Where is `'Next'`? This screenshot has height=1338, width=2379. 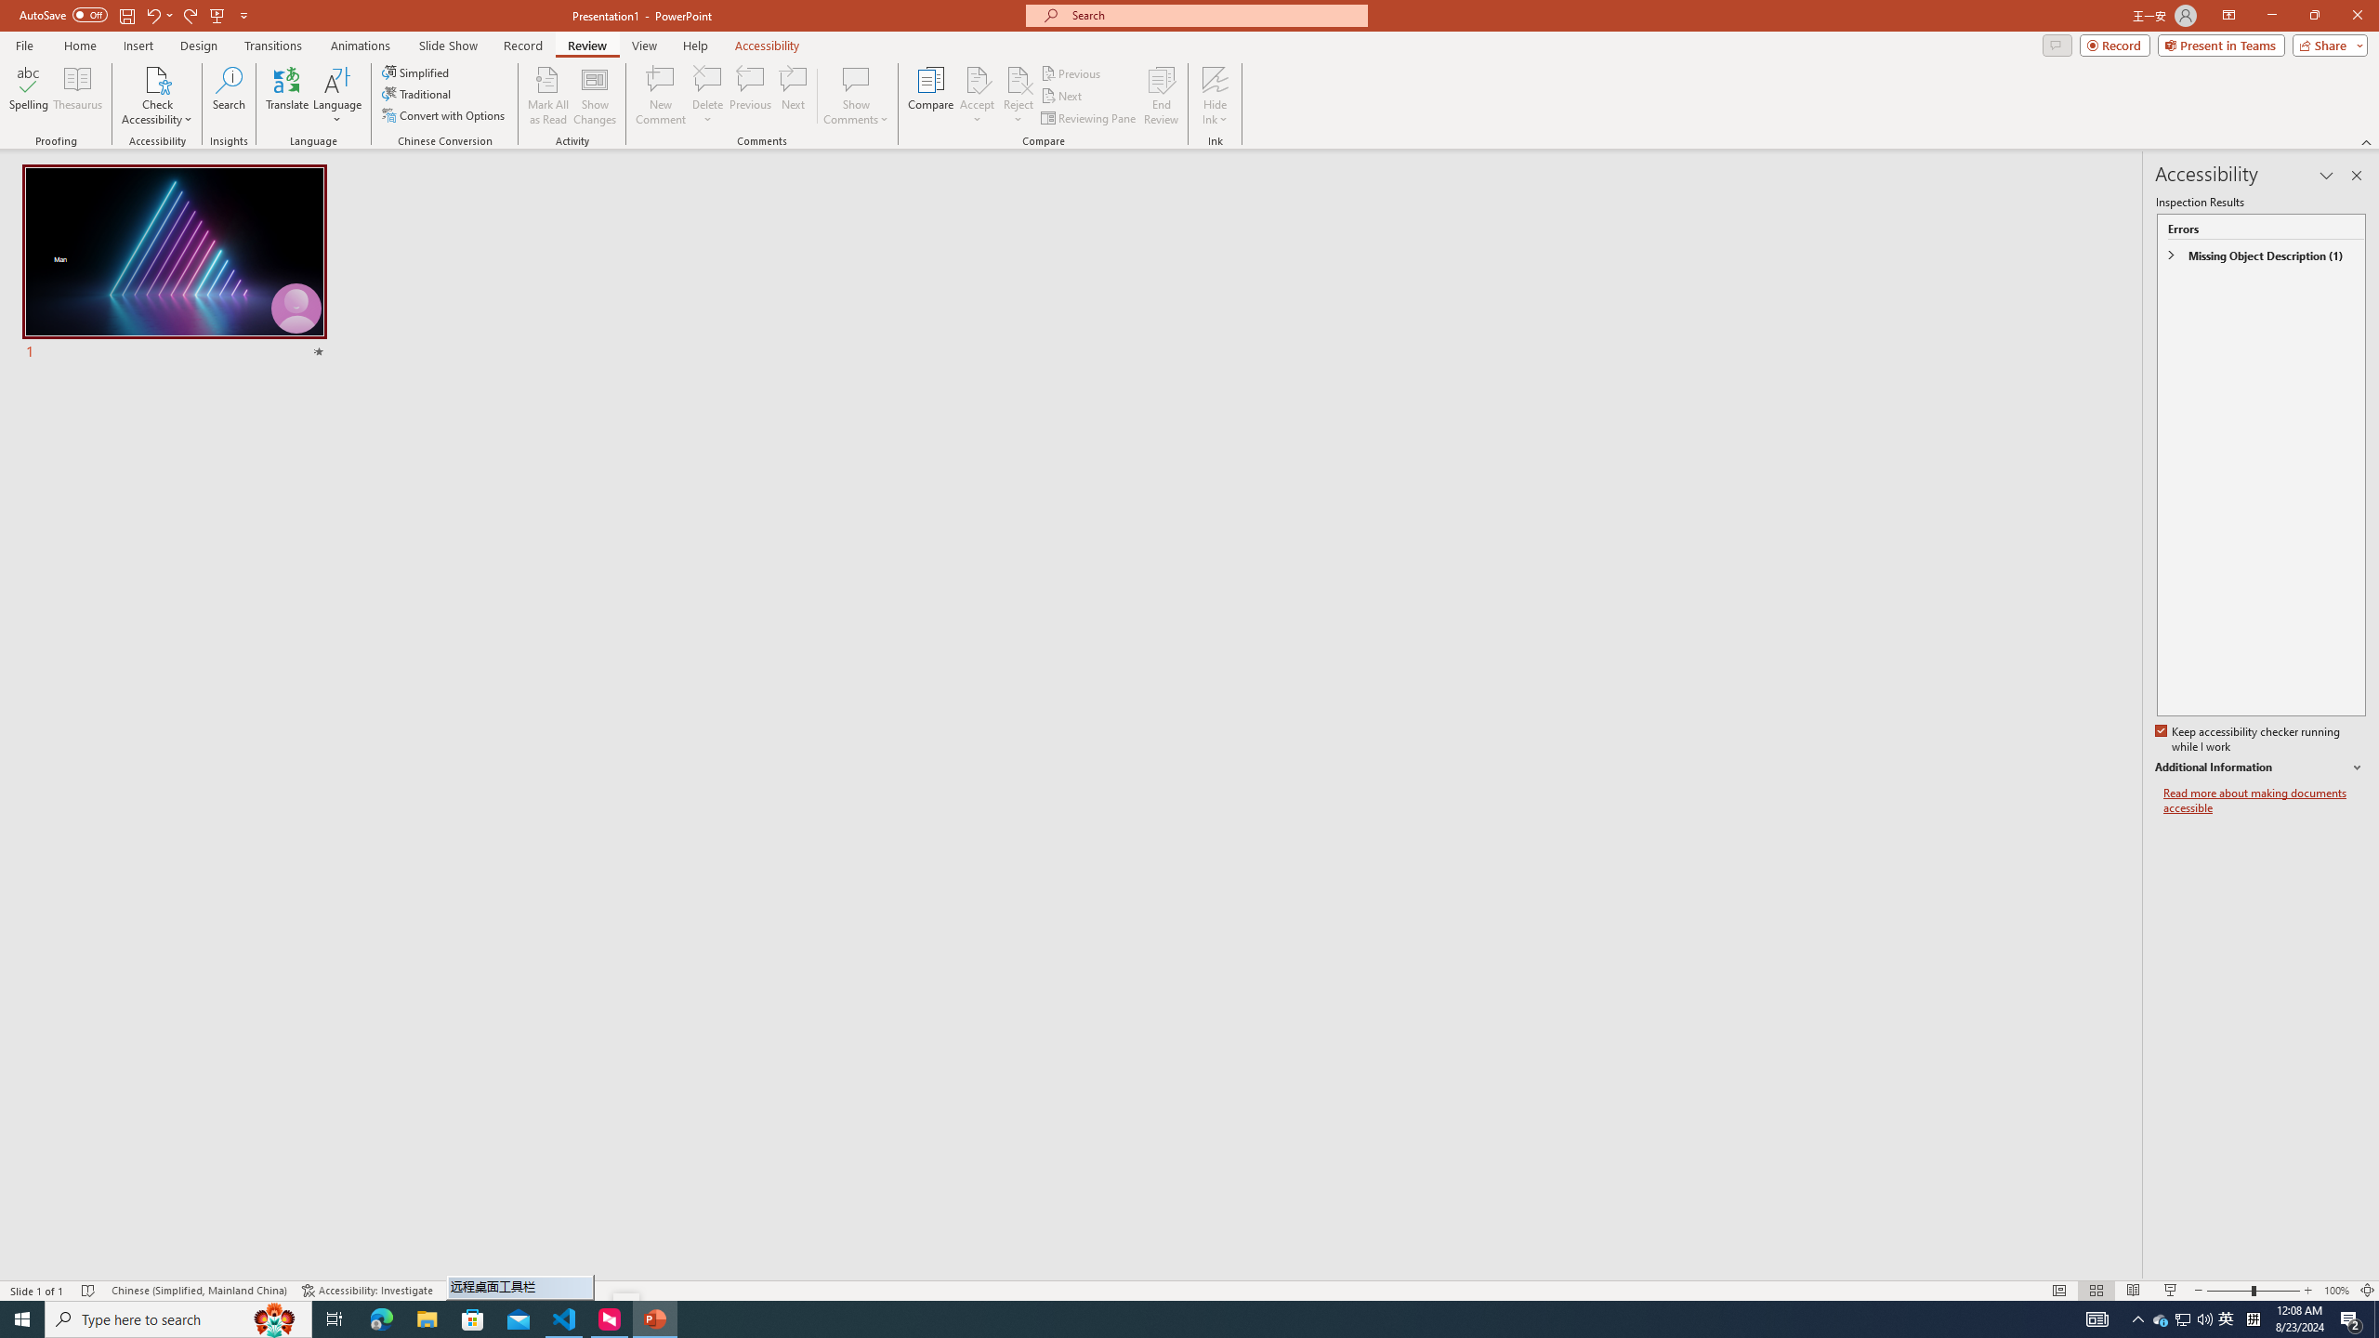
'Next' is located at coordinates (1061, 96).